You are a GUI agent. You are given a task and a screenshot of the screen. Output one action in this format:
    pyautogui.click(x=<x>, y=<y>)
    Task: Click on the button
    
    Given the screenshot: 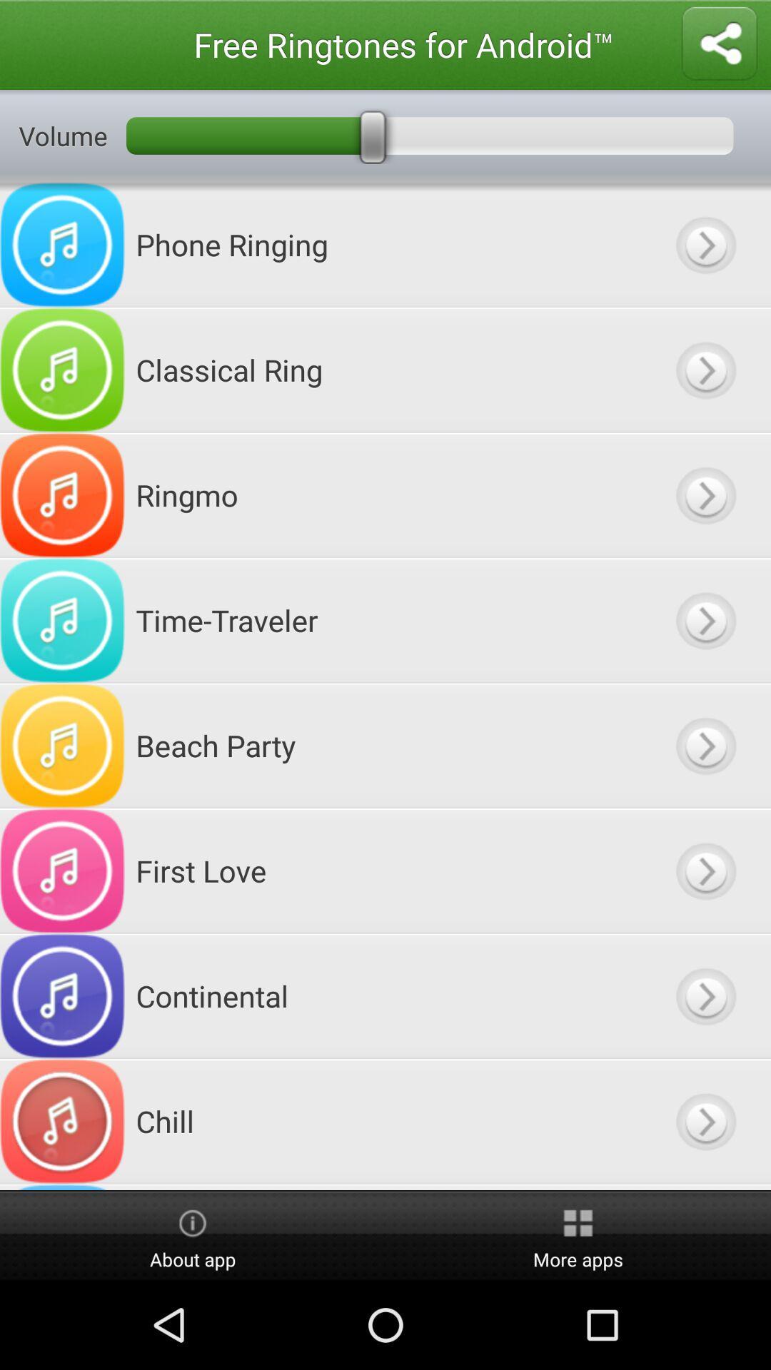 What is the action you would take?
    pyautogui.click(x=705, y=745)
    